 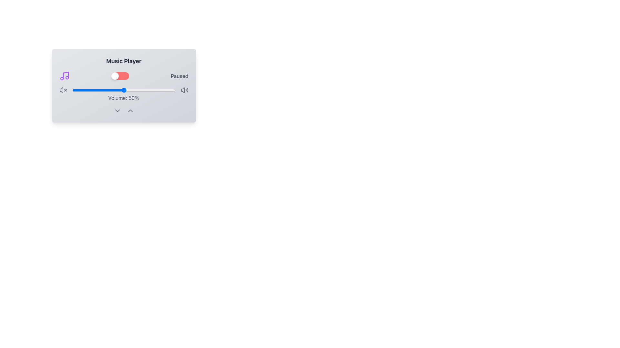 I want to click on the mute icon located on the left side of the horizontal volume control bar, so click(x=63, y=90).